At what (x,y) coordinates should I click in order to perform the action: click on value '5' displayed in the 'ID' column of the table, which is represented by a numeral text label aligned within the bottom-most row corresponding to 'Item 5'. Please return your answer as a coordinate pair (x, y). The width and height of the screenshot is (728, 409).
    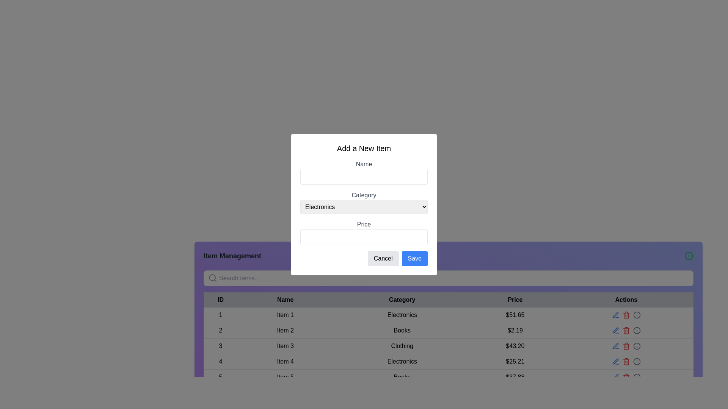
    Looking at the image, I should click on (220, 377).